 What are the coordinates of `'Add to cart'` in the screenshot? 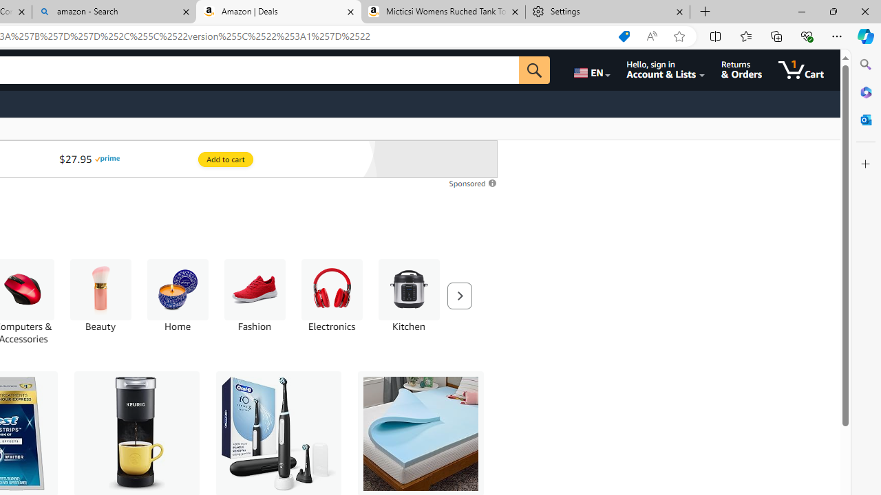 It's located at (225, 158).